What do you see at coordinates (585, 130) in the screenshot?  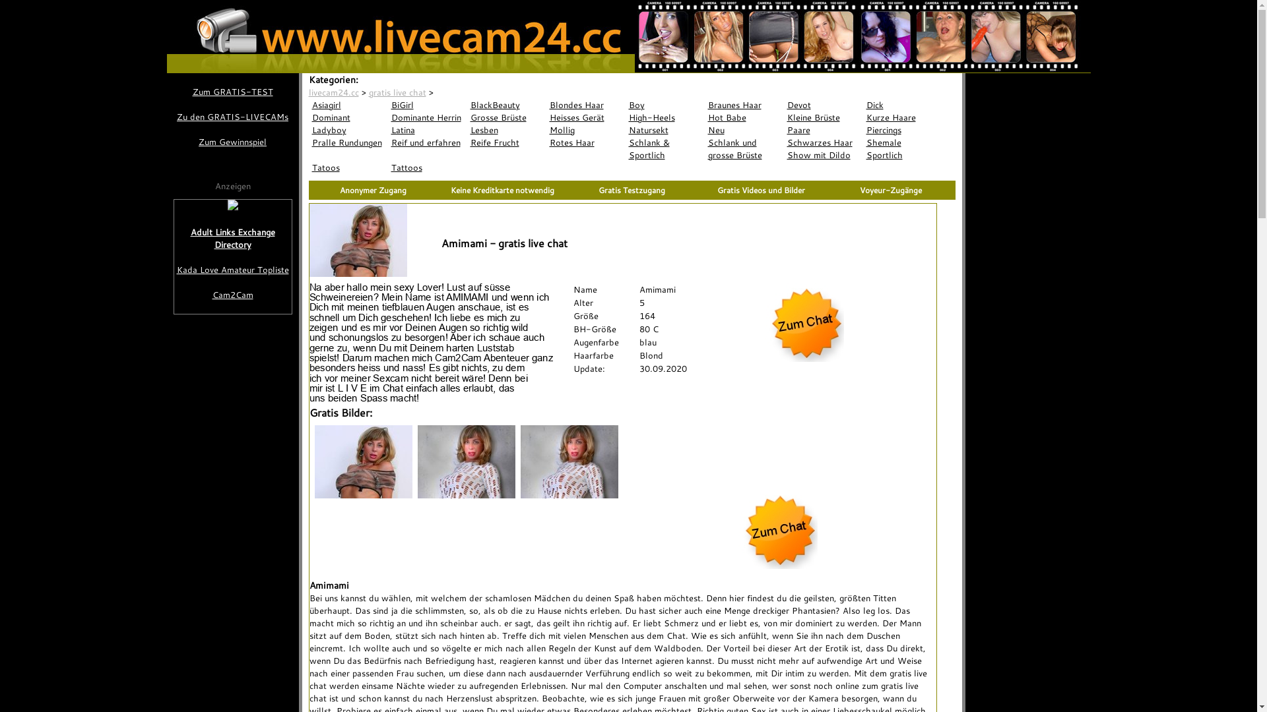 I see `'Mollig'` at bounding box center [585, 130].